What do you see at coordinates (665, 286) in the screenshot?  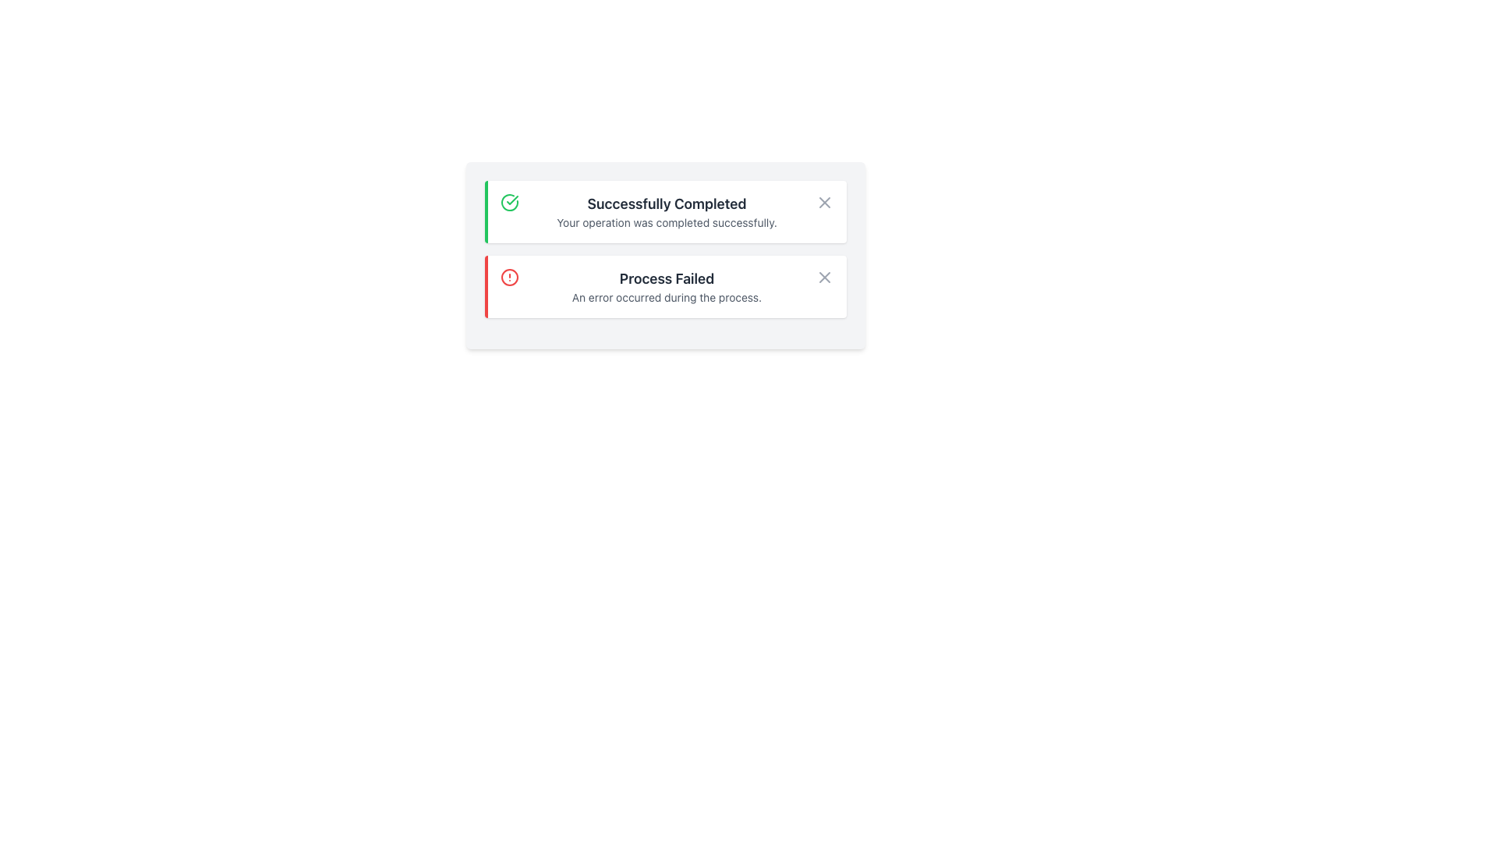 I see `the second notification message box with a red left border and white background containing the text 'Process Failed'` at bounding box center [665, 286].